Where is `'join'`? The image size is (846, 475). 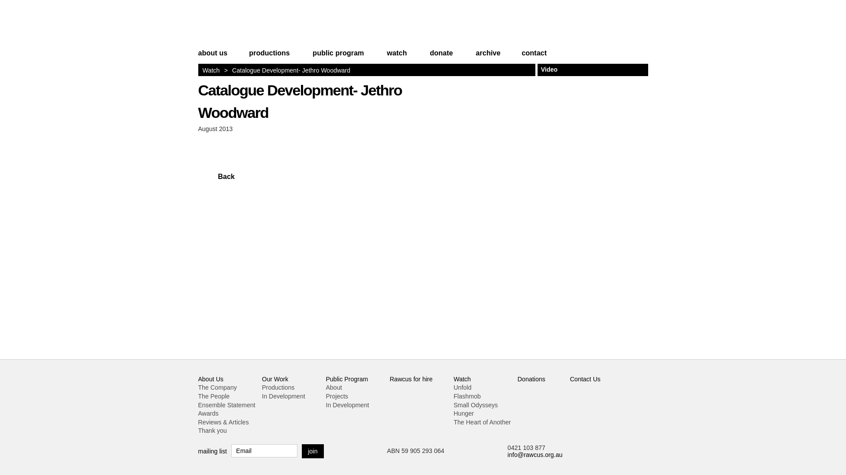 'join' is located at coordinates (313, 451).